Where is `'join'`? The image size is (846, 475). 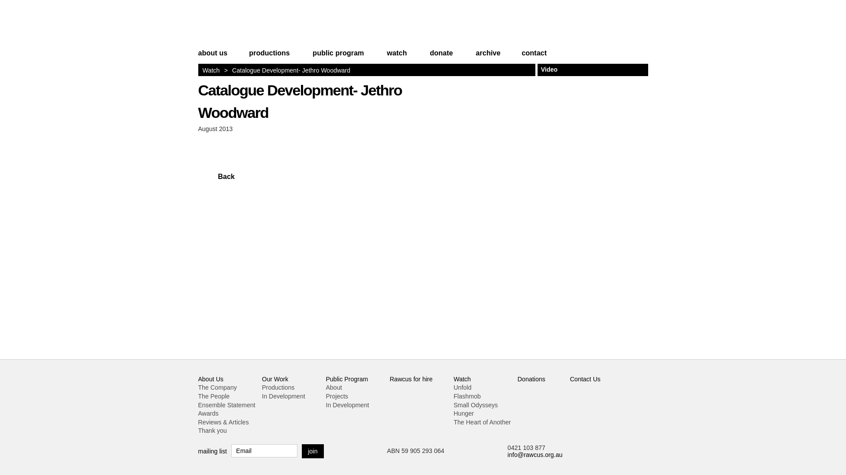 'join' is located at coordinates (313, 451).